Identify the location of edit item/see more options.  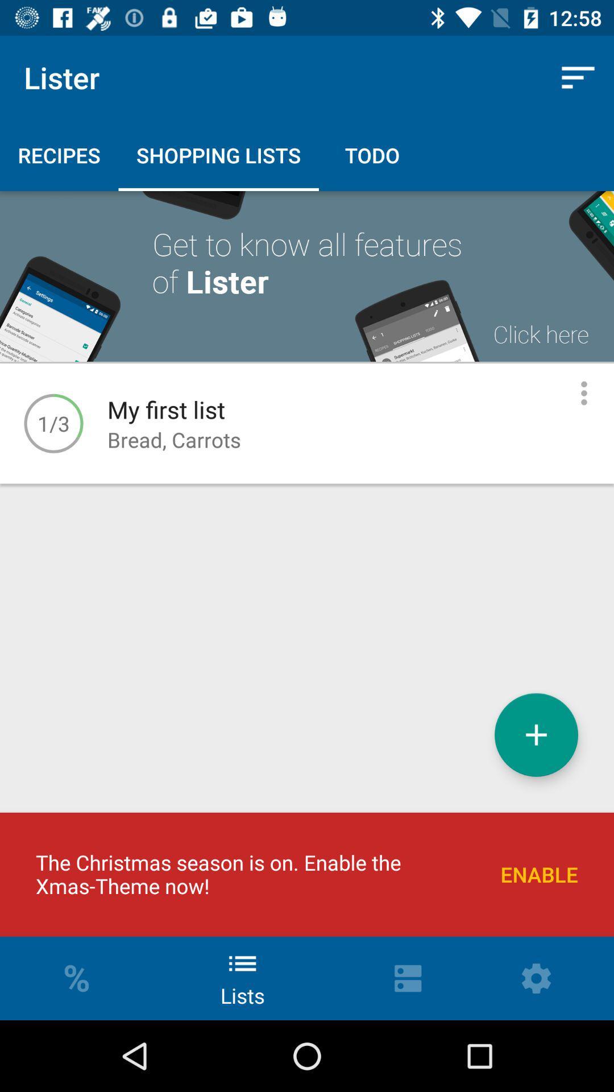
(584, 393).